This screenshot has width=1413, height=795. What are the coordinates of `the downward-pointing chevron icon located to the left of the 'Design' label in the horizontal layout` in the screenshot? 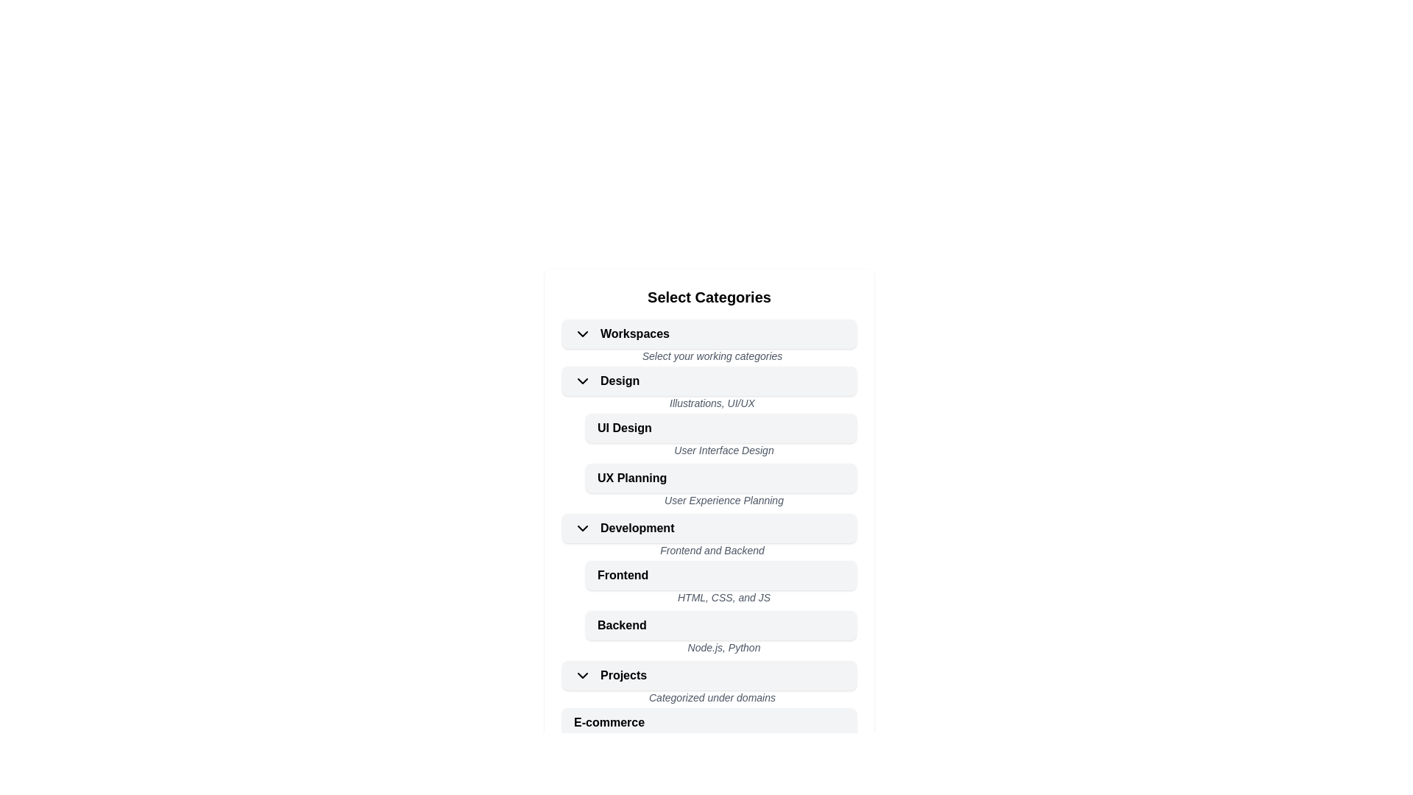 It's located at (586, 380).